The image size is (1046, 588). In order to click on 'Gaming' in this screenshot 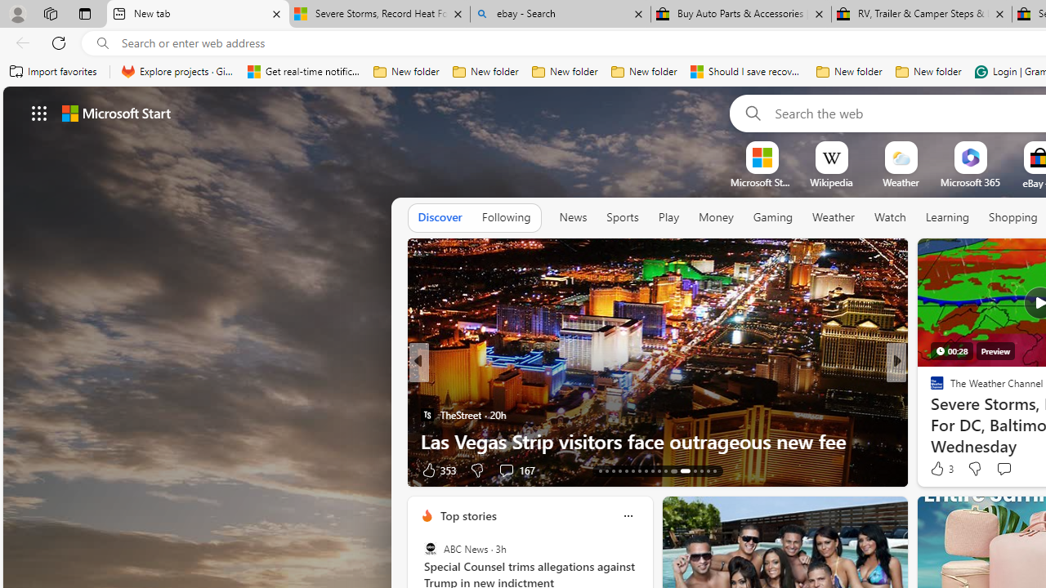, I will do `click(771, 216)`.